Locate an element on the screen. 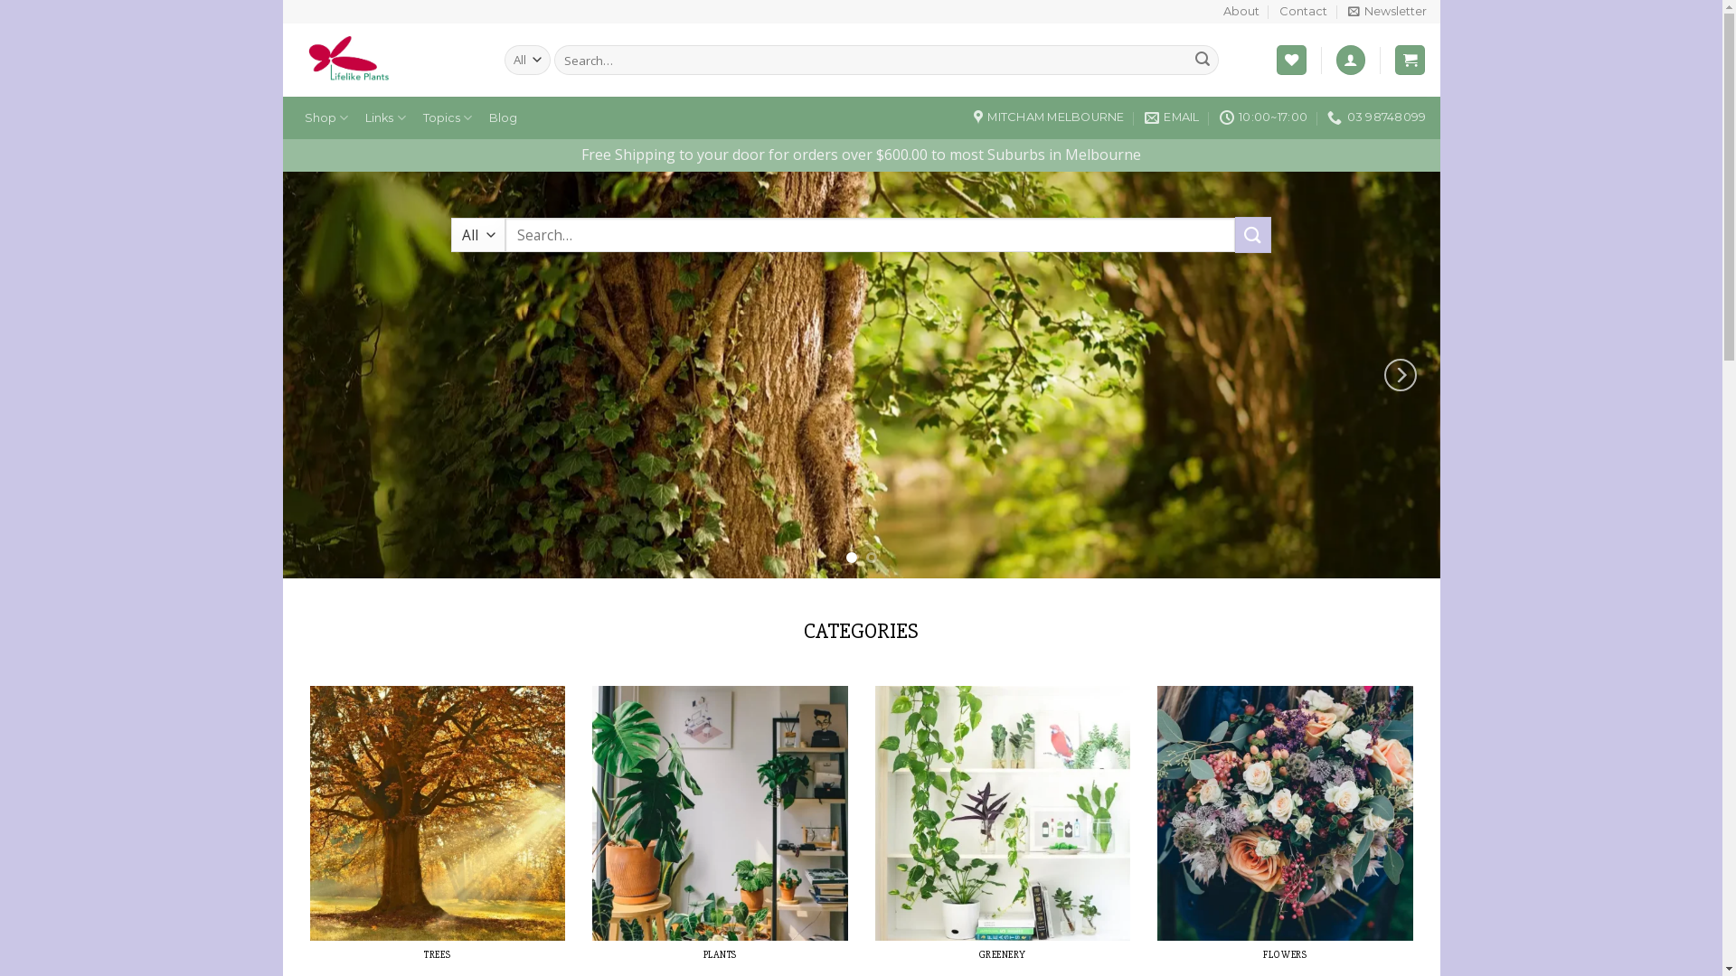 The height and width of the screenshot is (976, 1736). 'Search' is located at coordinates (1202, 59).